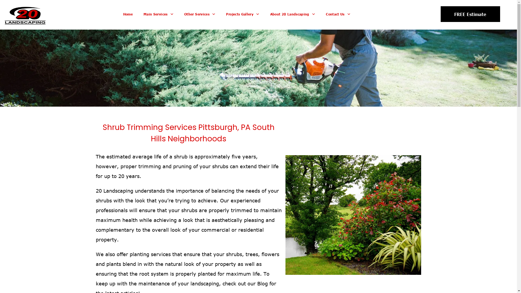 The image size is (521, 293). Describe the element at coordinates (158, 14) in the screenshot. I see `'Main Services'` at that location.